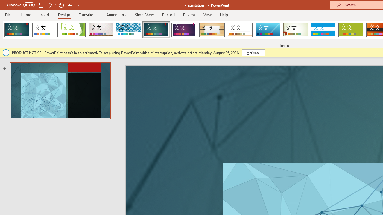 This screenshot has width=383, height=215. Describe the element at coordinates (323, 30) in the screenshot. I see `'Banded'` at that location.